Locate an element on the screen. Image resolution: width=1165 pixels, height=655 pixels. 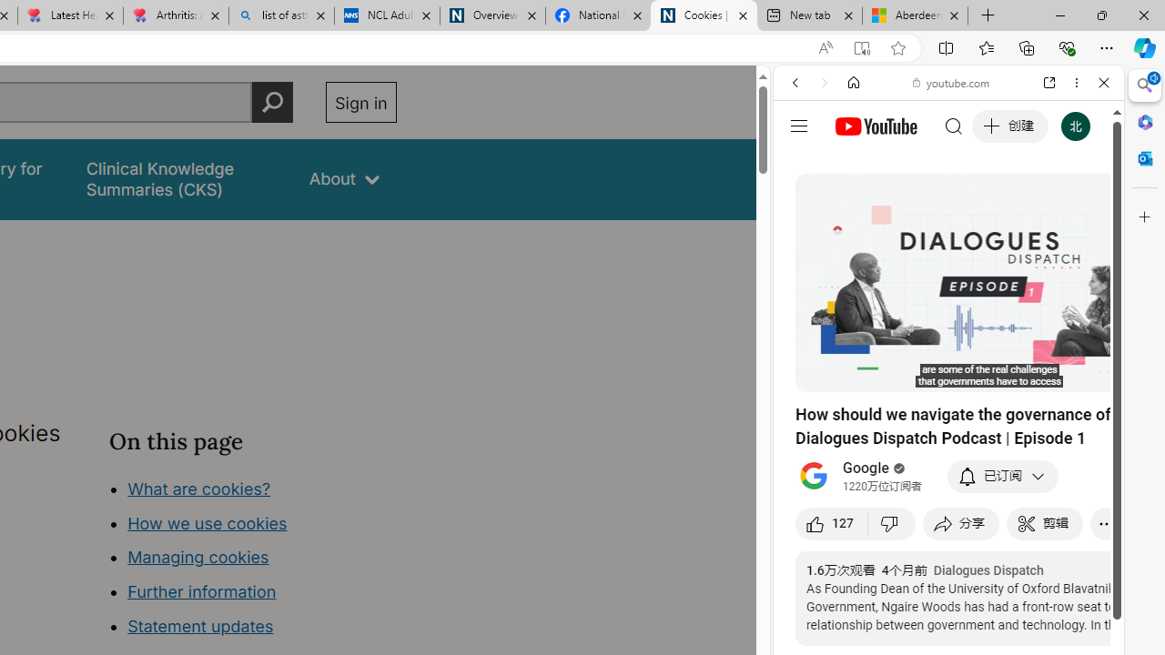
'Perform search' is located at coordinates (271, 102).